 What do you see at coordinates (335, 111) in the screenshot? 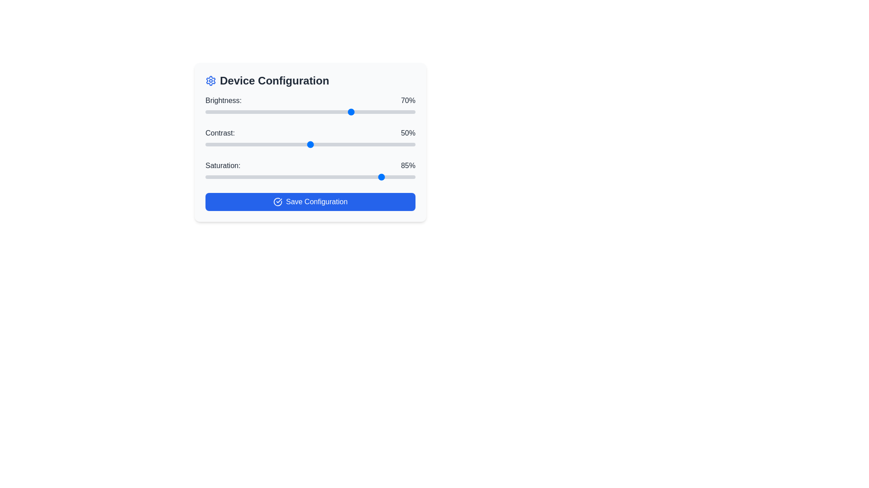
I see `brightness` at bounding box center [335, 111].